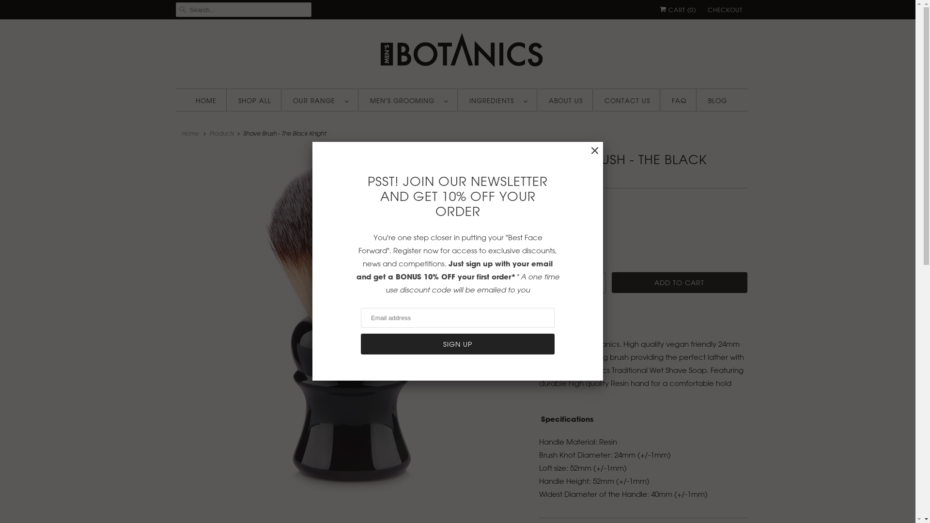  I want to click on 'Sign Up', so click(457, 343).